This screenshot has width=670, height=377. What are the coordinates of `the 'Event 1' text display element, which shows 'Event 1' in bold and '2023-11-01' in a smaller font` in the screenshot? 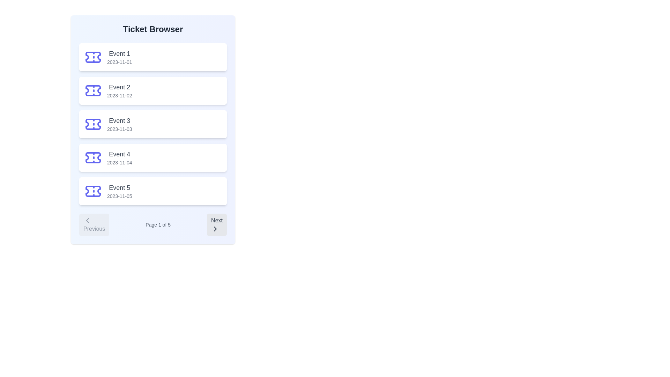 It's located at (119, 57).